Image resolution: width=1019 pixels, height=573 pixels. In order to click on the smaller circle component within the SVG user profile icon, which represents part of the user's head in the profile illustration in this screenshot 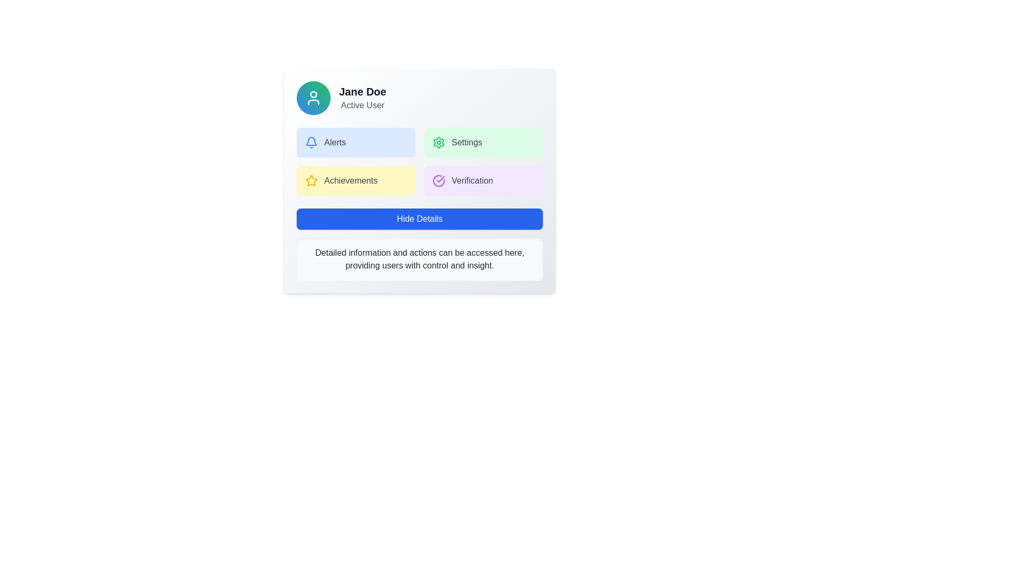, I will do `click(313, 93)`.